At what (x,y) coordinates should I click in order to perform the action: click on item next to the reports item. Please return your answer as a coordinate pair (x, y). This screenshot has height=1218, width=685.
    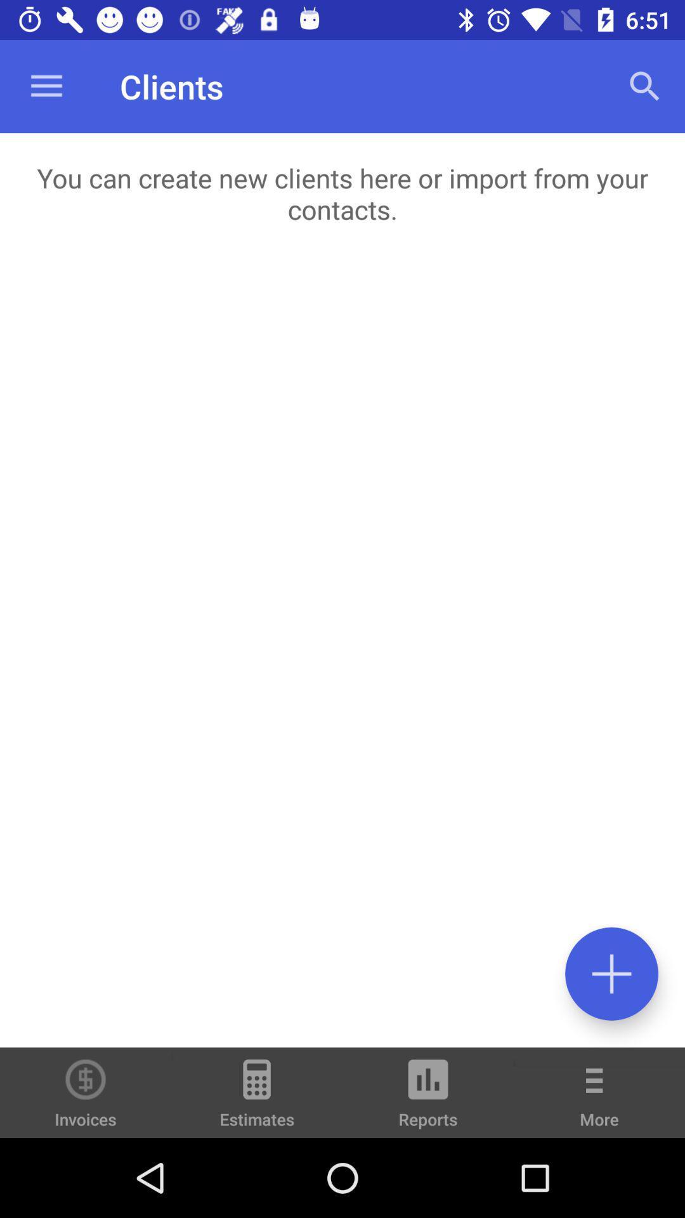
    Looking at the image, I should click on (599, 1101).